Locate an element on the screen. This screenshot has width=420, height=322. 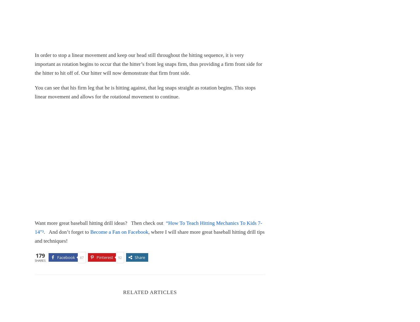
'You can see that his firm leg that he is hitting against, that leg snaps straight as rotation begins. This stops linear movement and allows for the rotational movement to continue.' is located at coordinates (145, 92).